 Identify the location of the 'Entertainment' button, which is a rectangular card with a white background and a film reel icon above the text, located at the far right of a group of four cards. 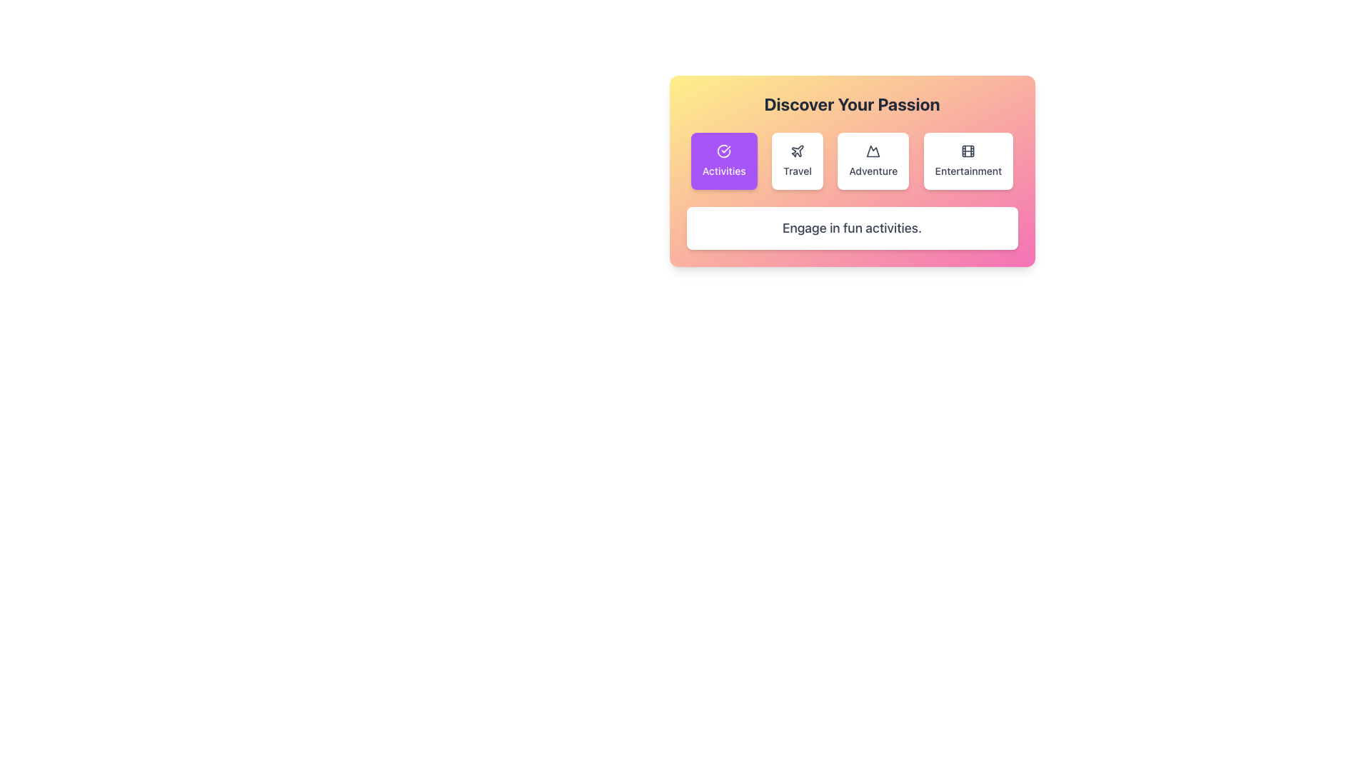
(968, 161).